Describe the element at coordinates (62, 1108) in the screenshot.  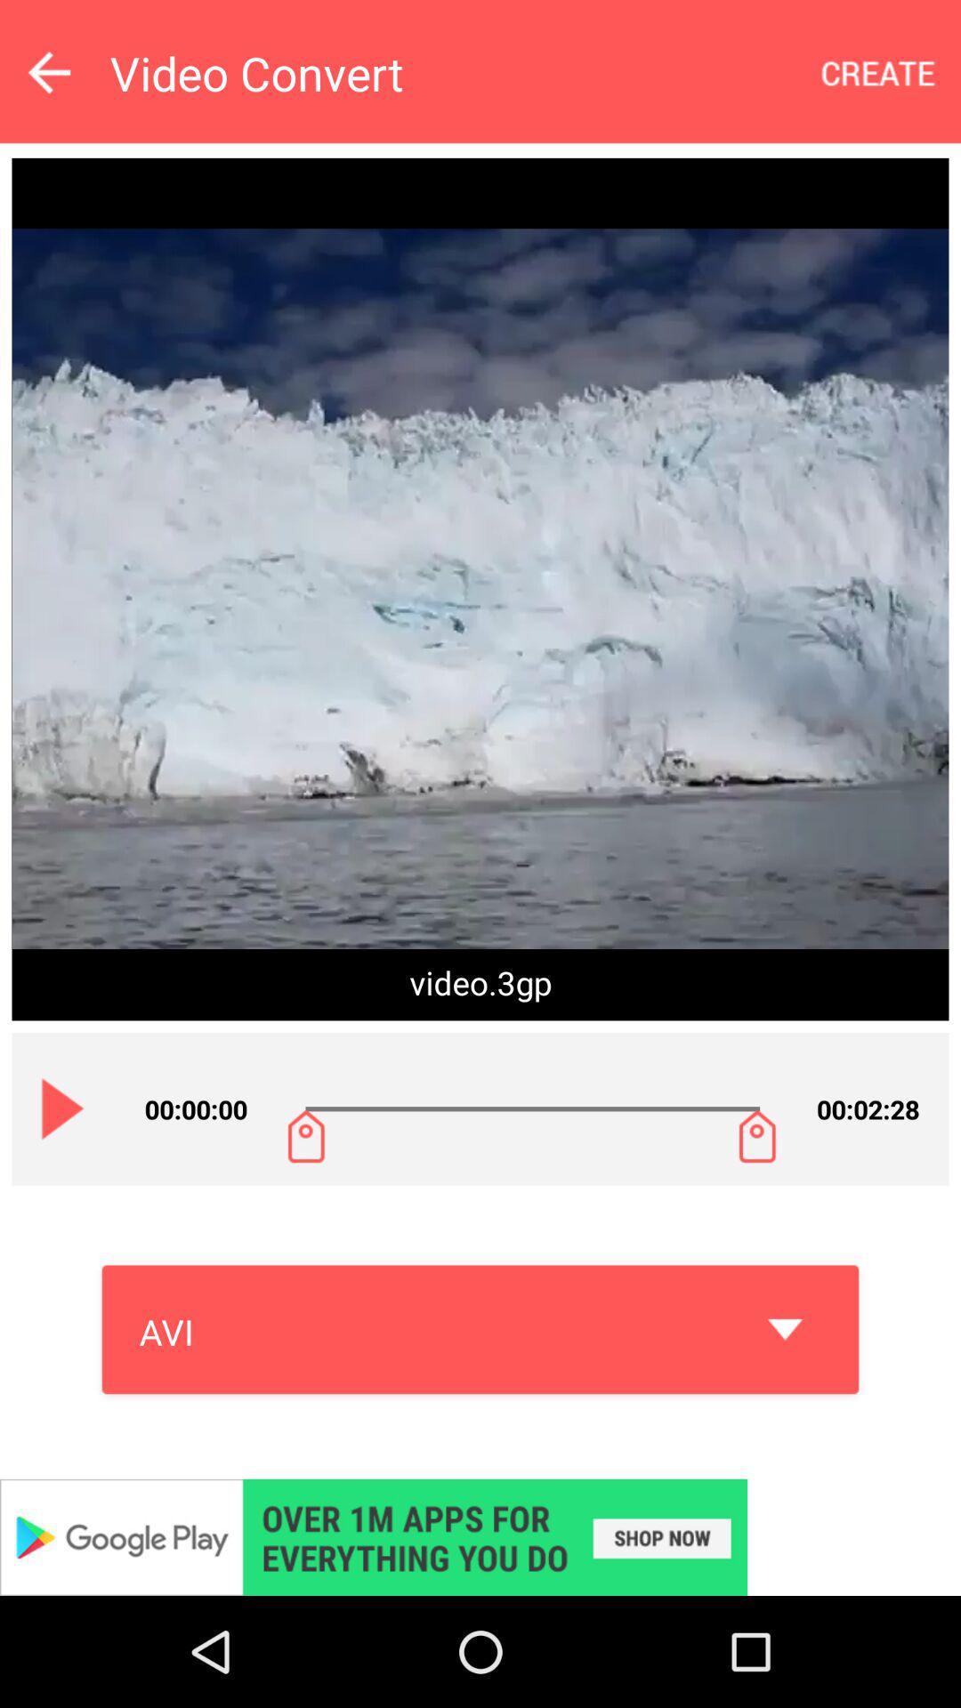
I see `video` at that location.